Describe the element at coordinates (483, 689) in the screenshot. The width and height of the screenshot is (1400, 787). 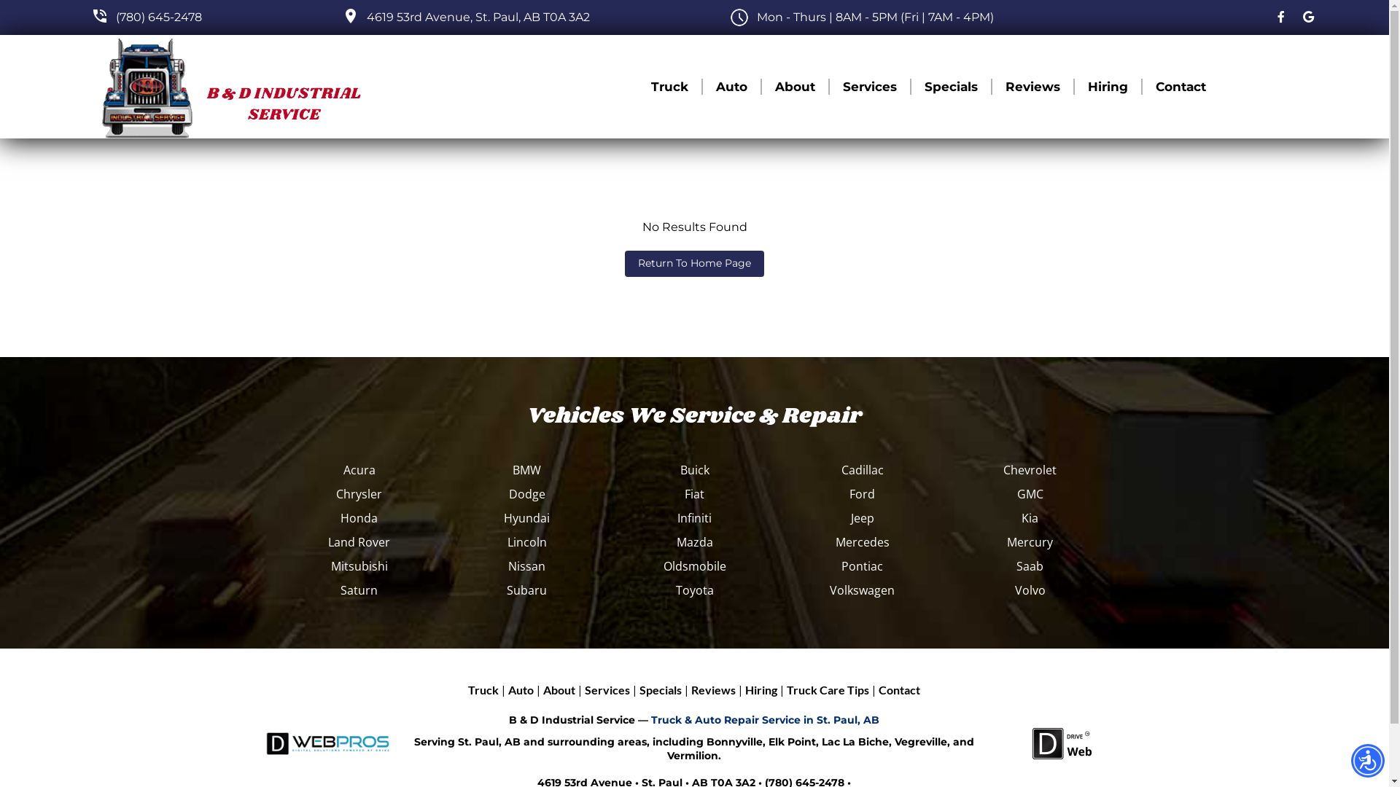
I see `'Truck'` at that location.